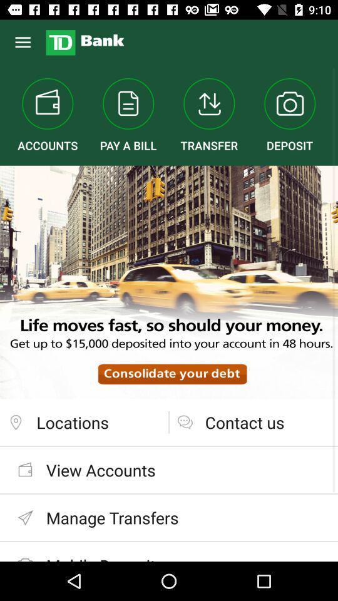  Describe the element at coordinates (169, 282) in the screenshot. I see `the icon above the locations icon` at that location.